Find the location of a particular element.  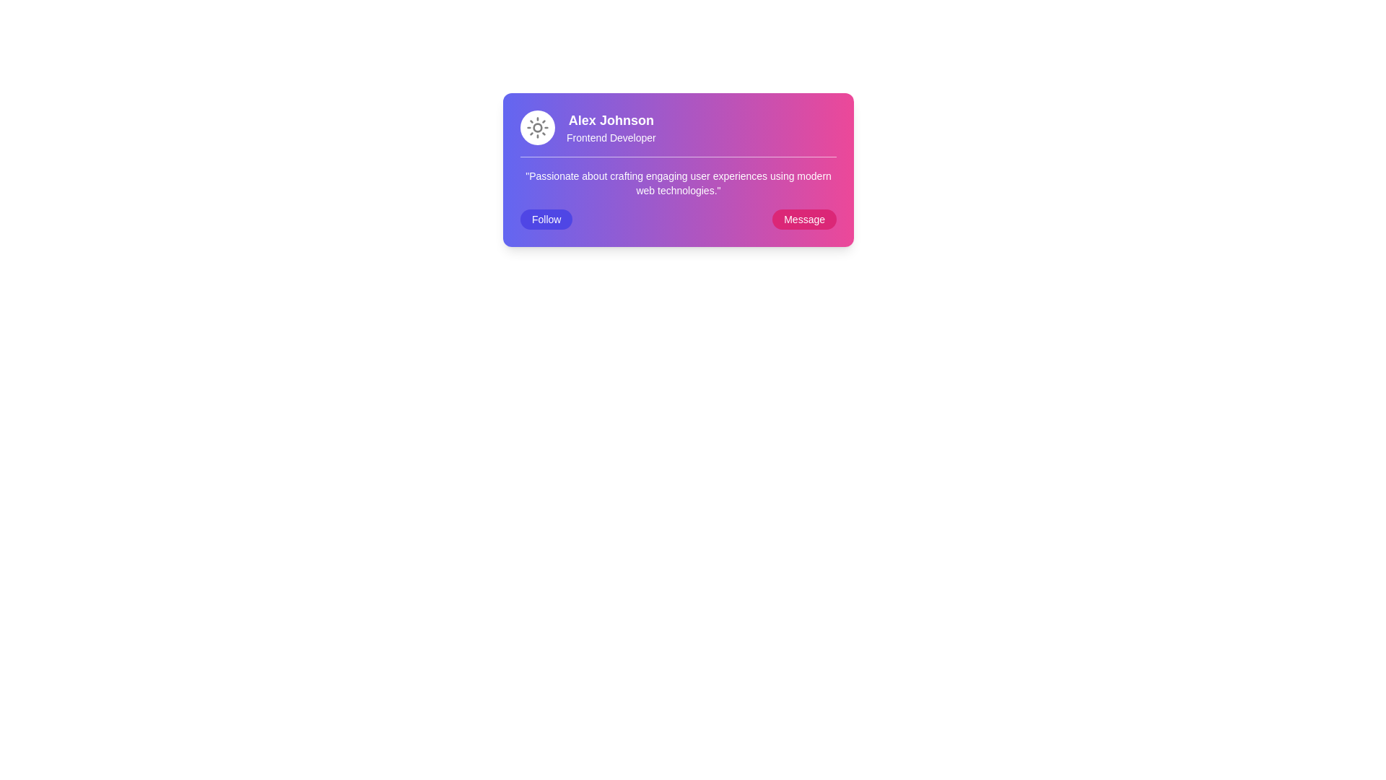

the bright or sunny themed icon located in the top-left section of the card component, which is positioned directly to the left of the user's name and title is located at coordinates (536, 127).